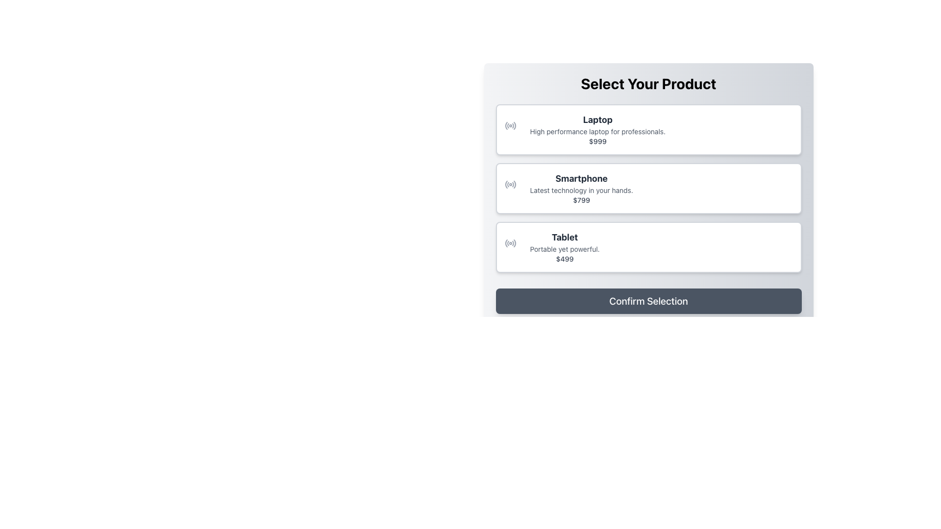  What do you see at coordinates (597, 142) in the screenshot?
I see `the text label displaying '$999', which is located at the bottom of the product description section in the 'Select Your Product' interface module under the 'Laptop' section` at bounding box center [597, 142].